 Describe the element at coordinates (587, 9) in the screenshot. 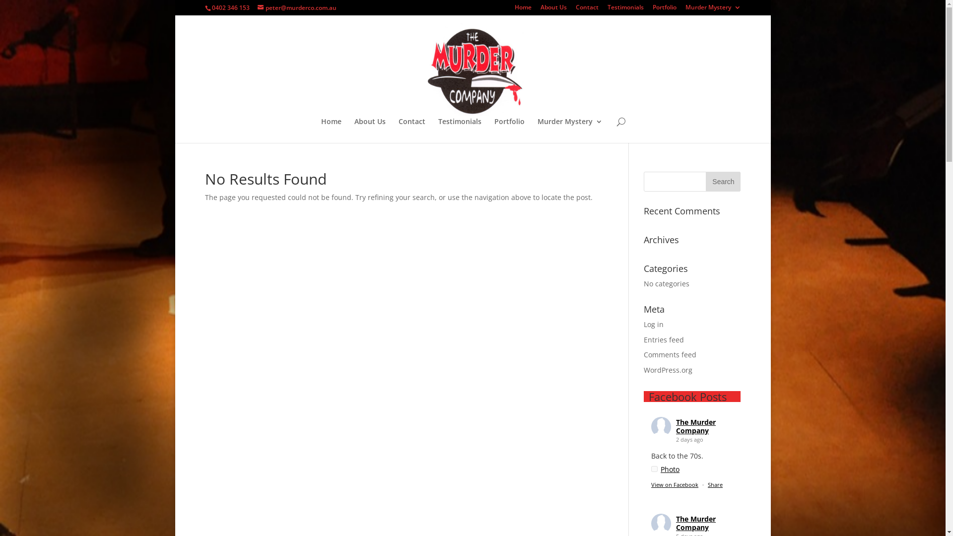

I see `'Contact'` at that location.